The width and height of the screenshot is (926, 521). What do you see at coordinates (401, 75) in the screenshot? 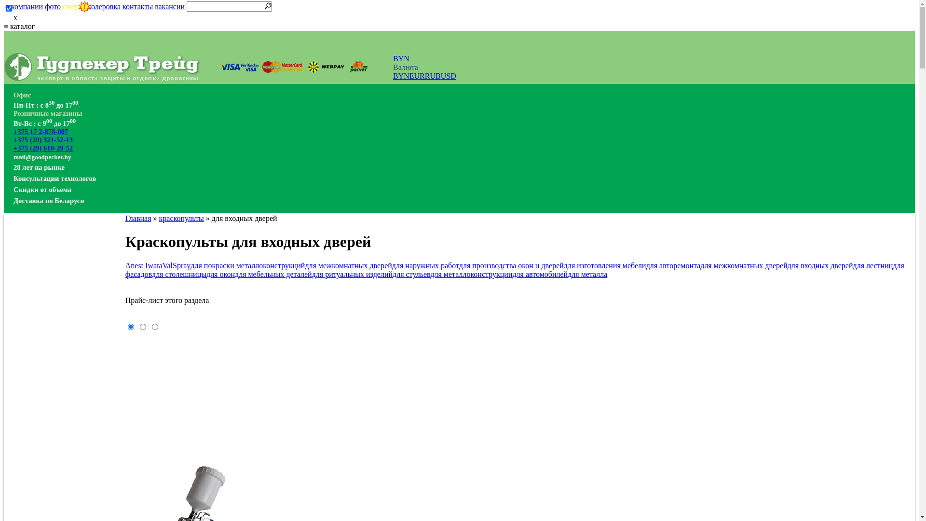
I see `'BYN'` at bounding box center [401, 75].